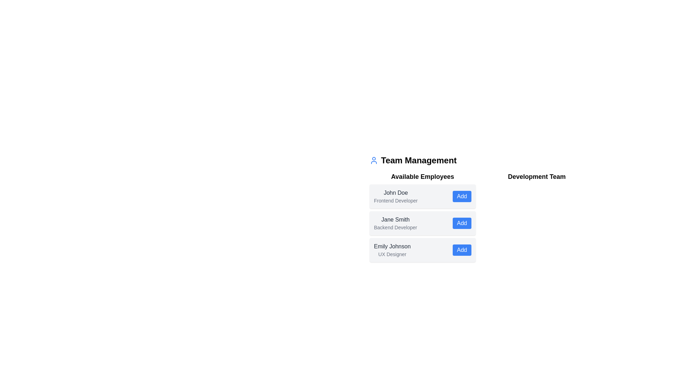  Describe the element at coordinates (422, 216) in the screenshot. I see `the List Entry with Action Button for employee 'Jane Smith'` at that location.